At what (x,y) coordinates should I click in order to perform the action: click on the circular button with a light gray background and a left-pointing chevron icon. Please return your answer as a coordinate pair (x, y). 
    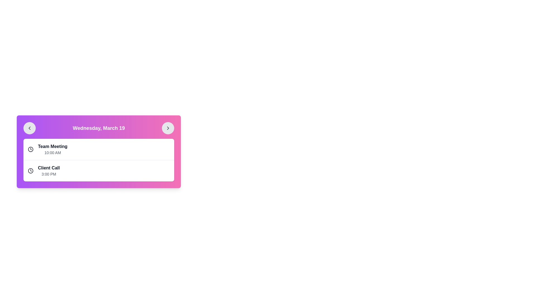
    Looking at the image, I should click on (29, 128).